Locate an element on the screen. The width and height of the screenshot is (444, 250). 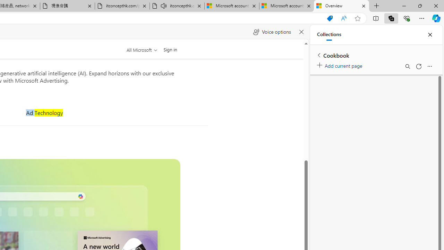
'Overview' is located at coordinates (341, 6).